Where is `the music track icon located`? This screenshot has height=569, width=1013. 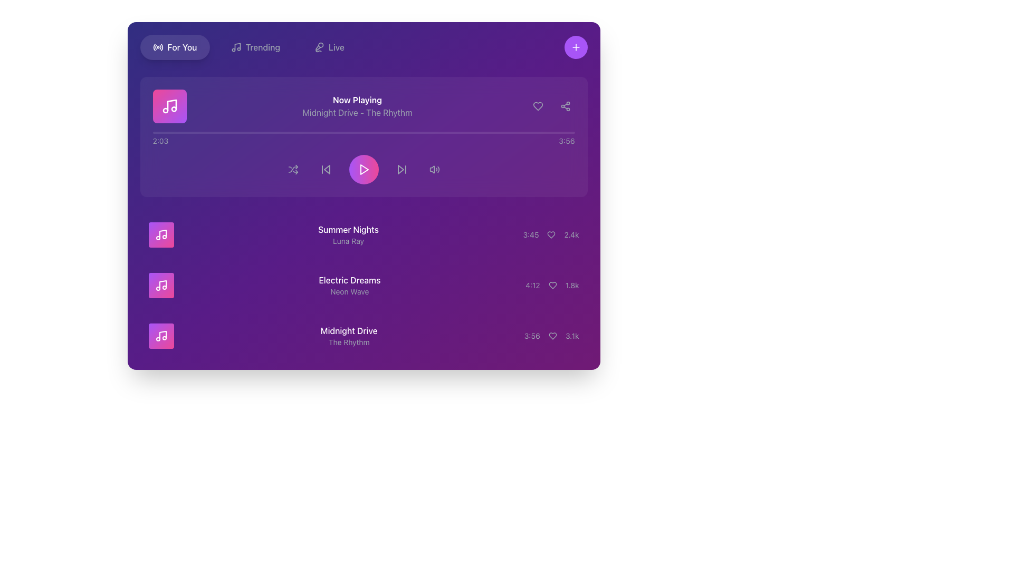 the music track icon located is located at coordinates (169, 106).